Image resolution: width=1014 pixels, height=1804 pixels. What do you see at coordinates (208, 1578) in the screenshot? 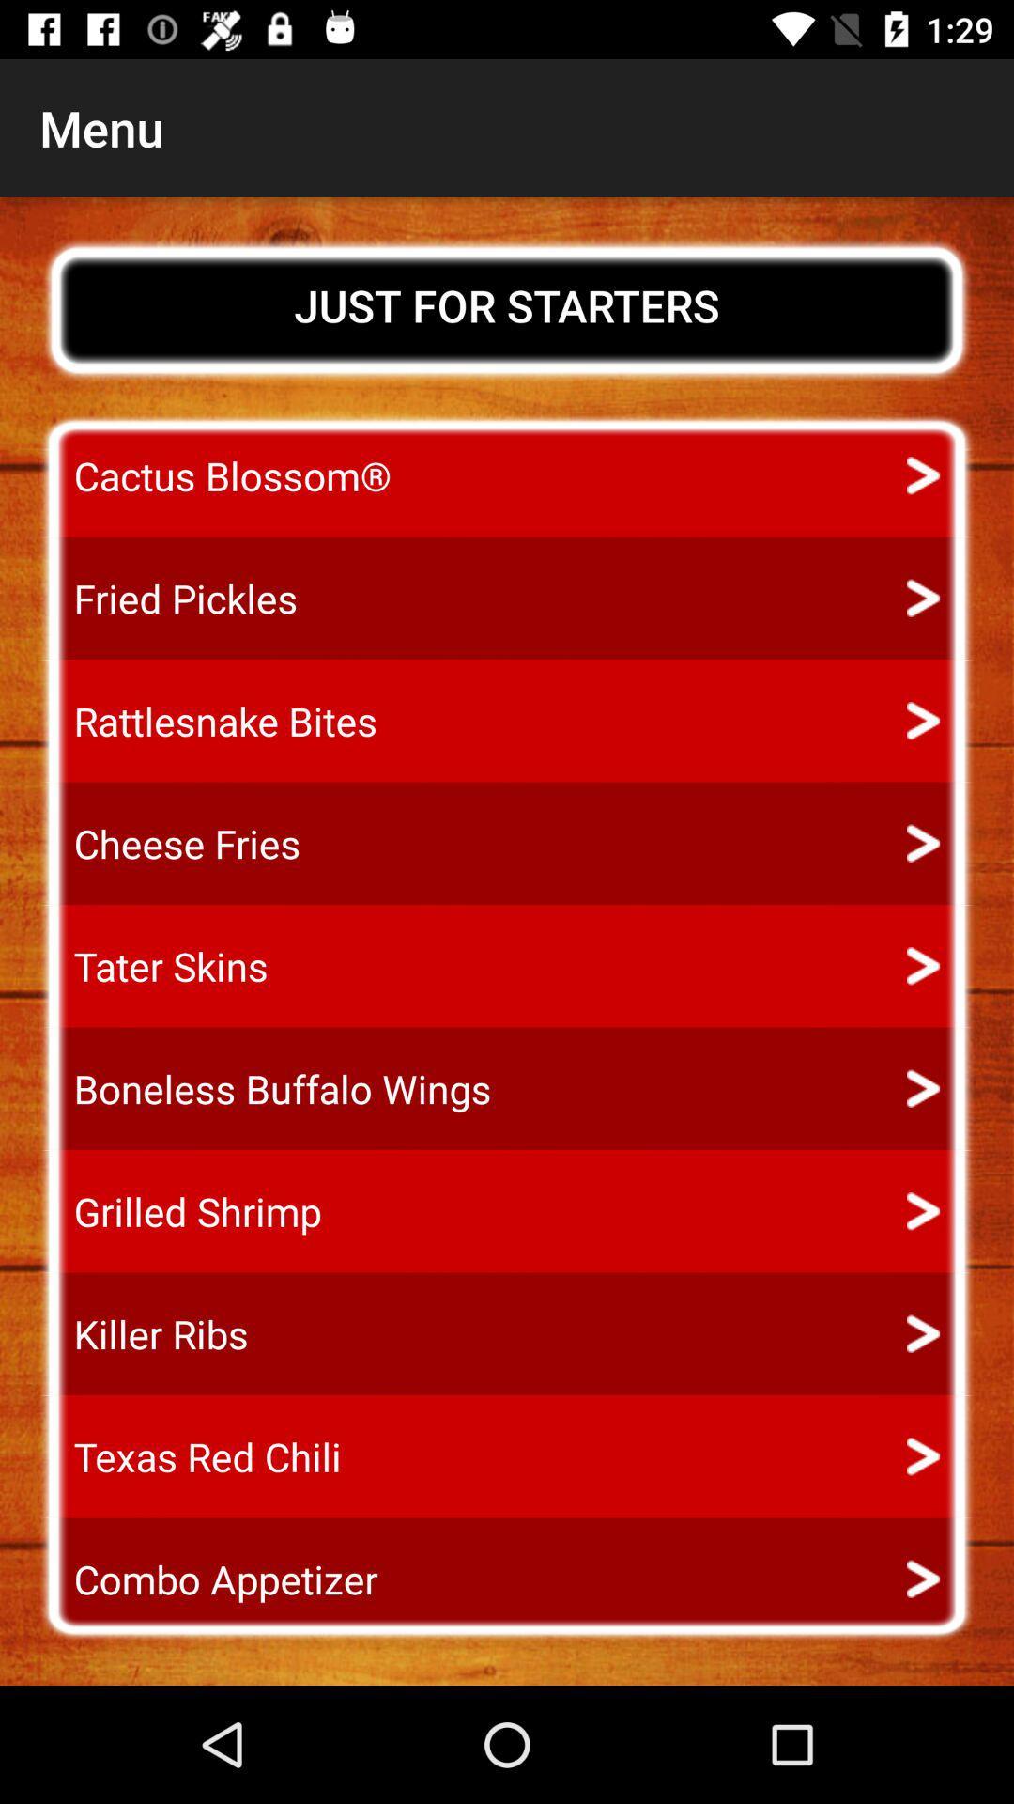
I see `the icon below the texas red chili app` at bounding box center [208, 1578].